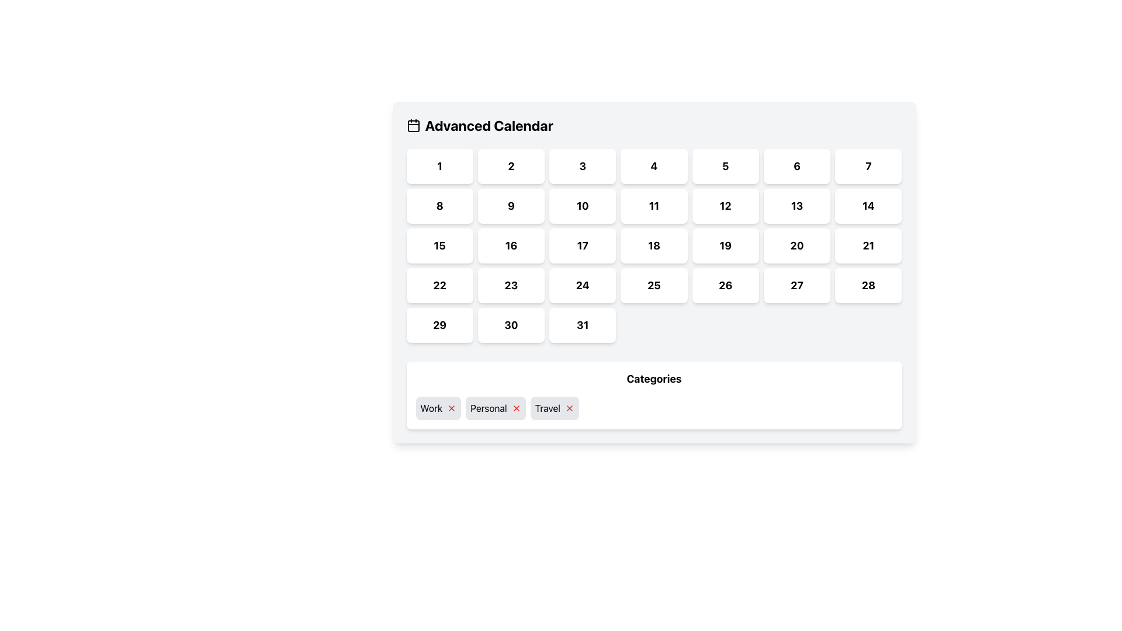 The height and width of the screenshot is (631, 1122). Describe the element at coordinates (868, 245) in the screenshot. I see `the white rectangular button displaying the number '21' in bold, black text located in the third row and seventh column of the calendar grid` at that location.